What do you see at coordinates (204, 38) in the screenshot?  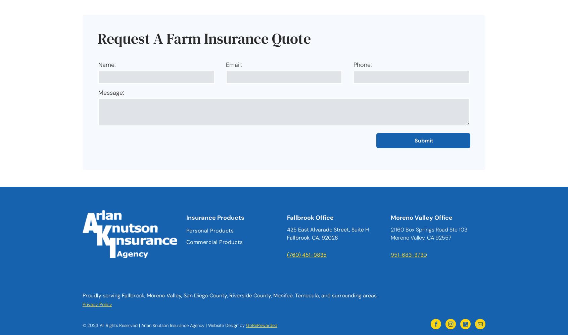 I see `'Request A Farm Insurance Quote'` at bounding box center [204, 38].